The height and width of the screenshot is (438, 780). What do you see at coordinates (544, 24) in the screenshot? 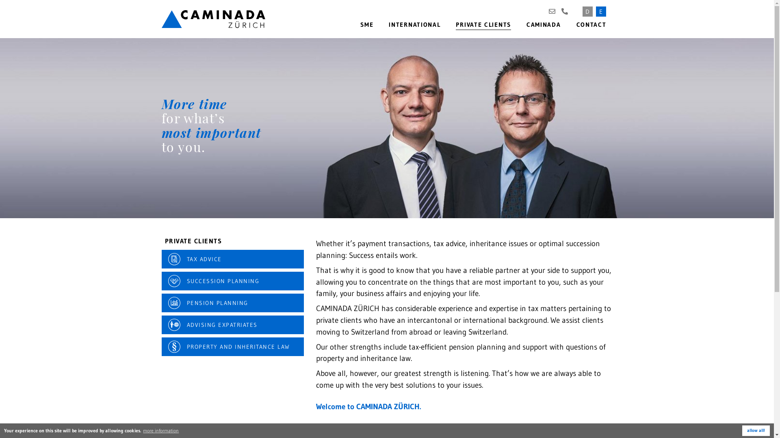
I see `'CAMINADA'` at bounding box center [544, 24].